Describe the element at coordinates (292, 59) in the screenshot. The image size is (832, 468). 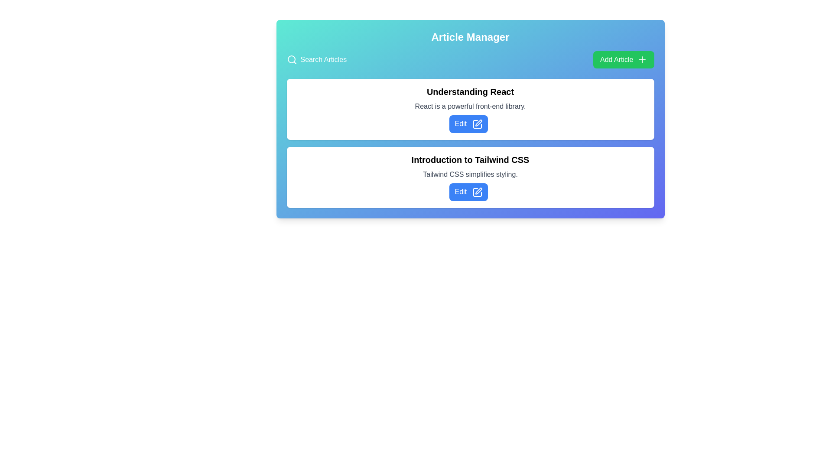
I see `the magnifying glass icon representing the search function located in the top-left section of the 'Article Manager' card` at that location.